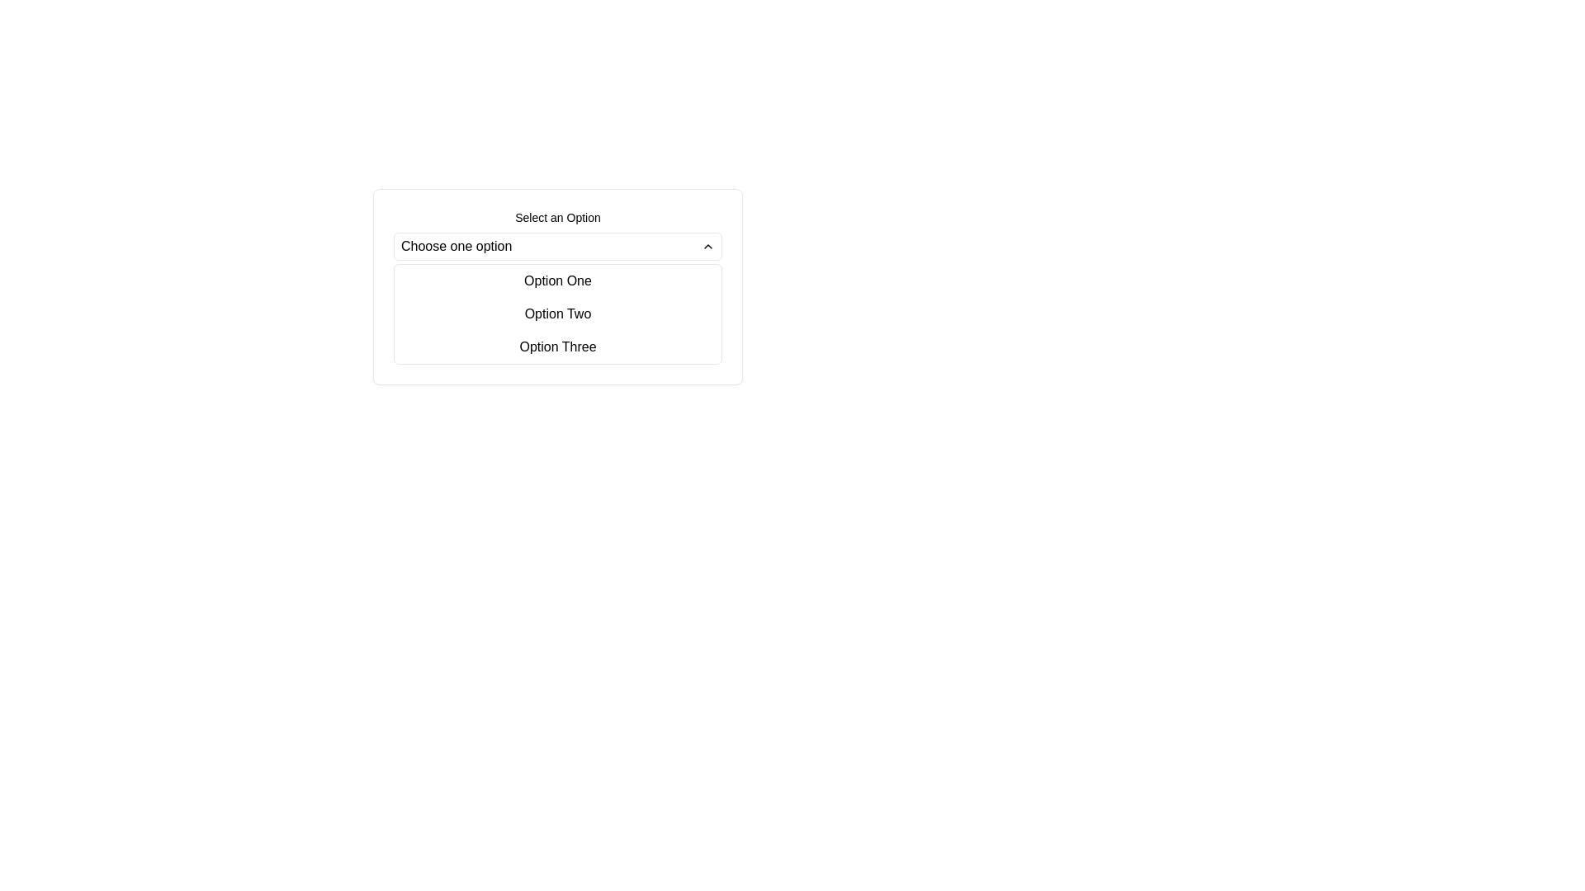 The width and height of the screenshot is (1585, 891). I want to click on the small triangular arrow icon in the dropdown header area labeled 'Choose one option', so click(708, 247).